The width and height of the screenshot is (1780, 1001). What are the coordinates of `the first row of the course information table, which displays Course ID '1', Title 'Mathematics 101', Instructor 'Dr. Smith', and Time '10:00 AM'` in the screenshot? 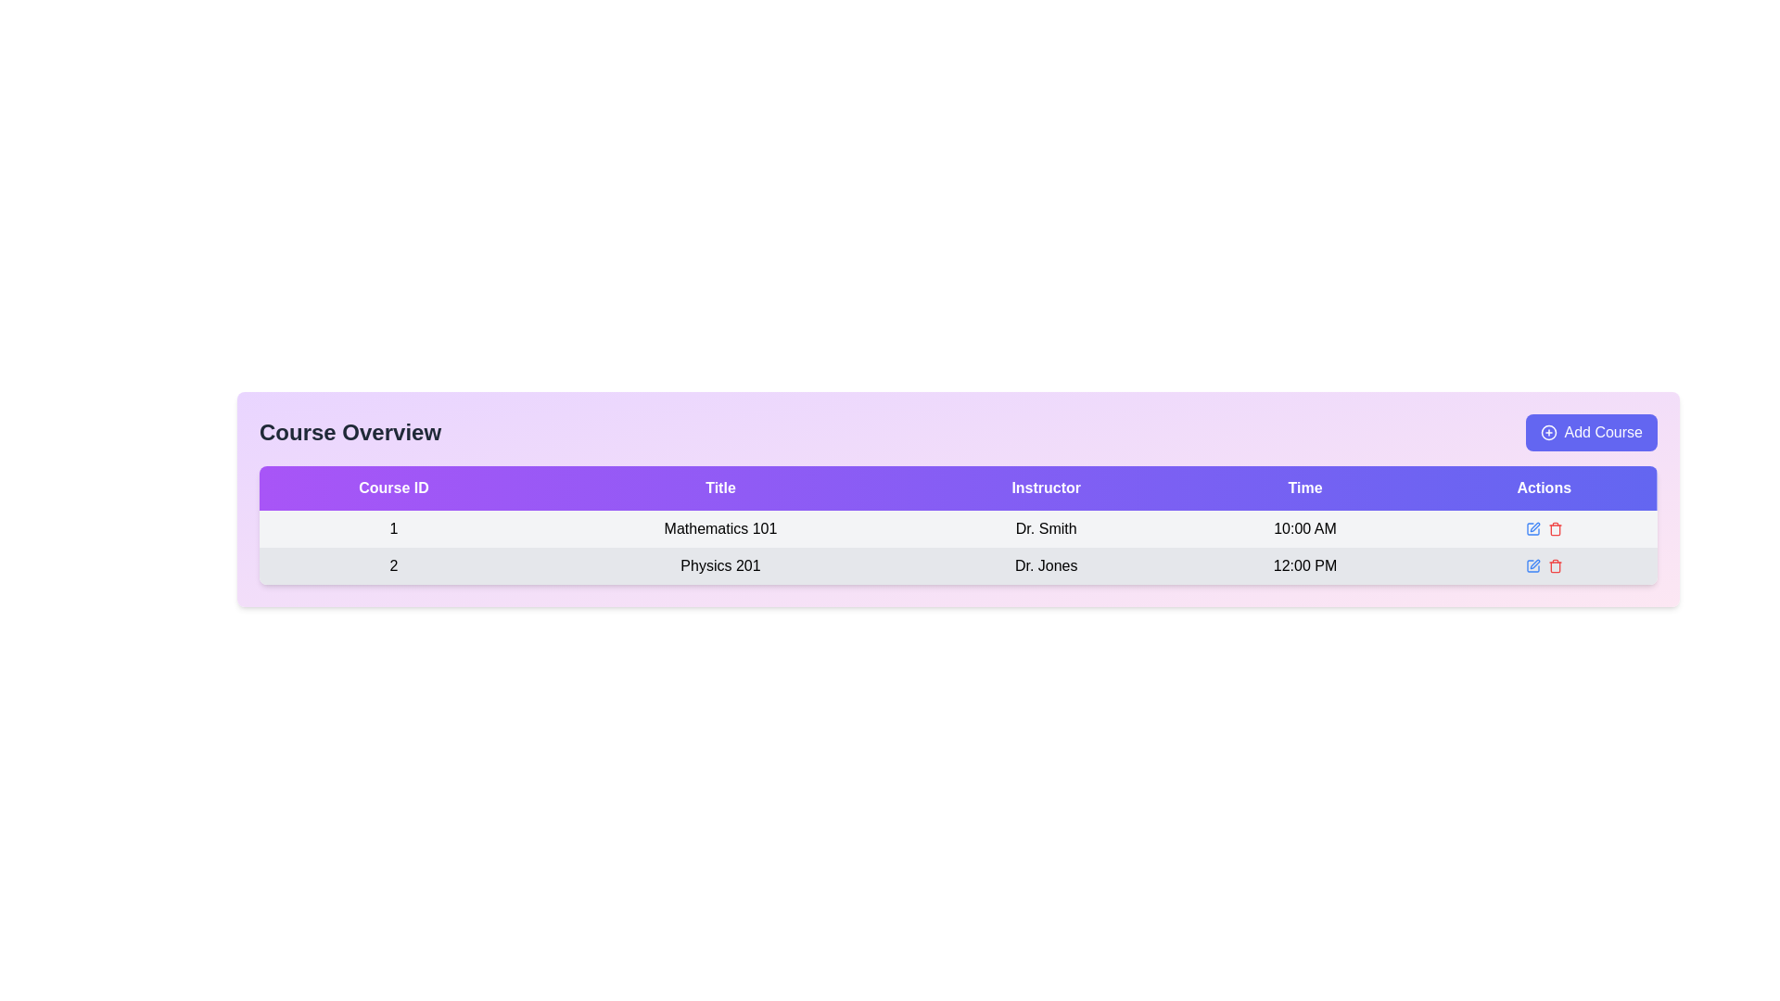 It's located at (958, 528).